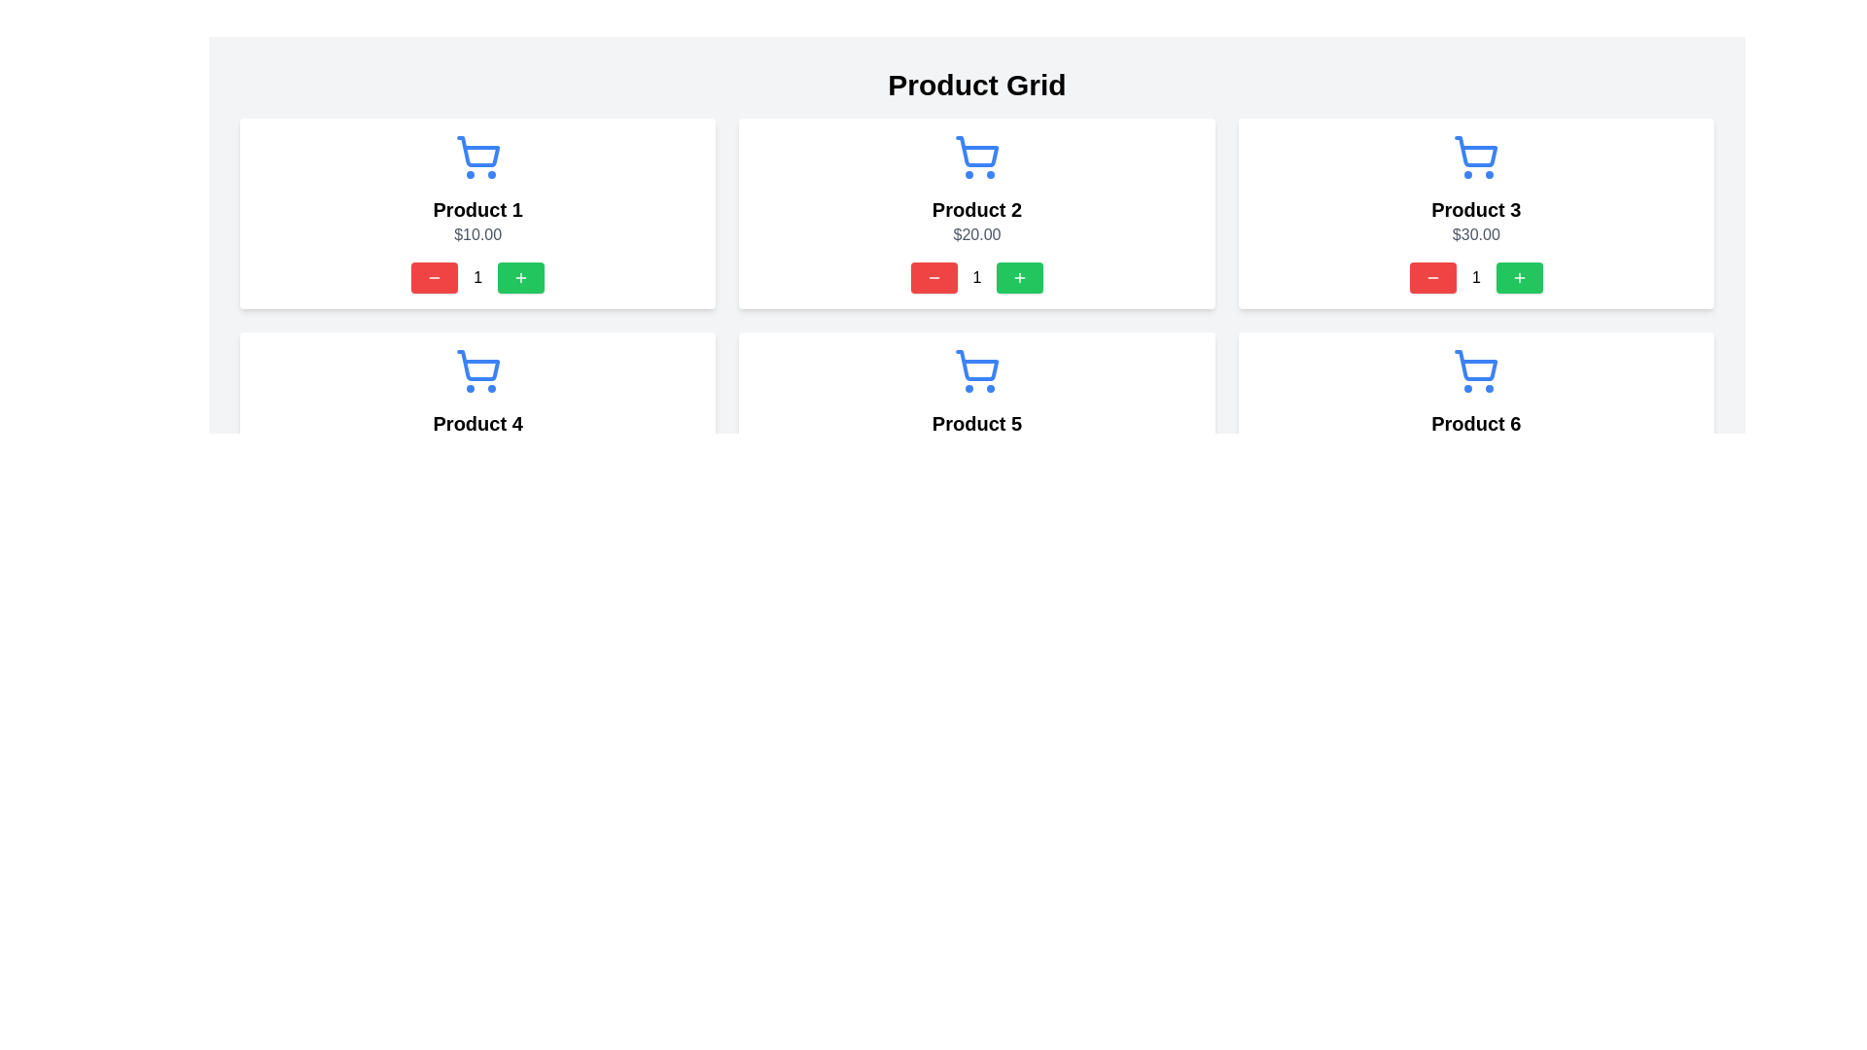 The height and width of the screenshot is (1050, 1867). Describe the element at coordinates (477, 370) in the screenshot. I see `the blue shopping cart icon above the text 'Product 4' in the second row and first column of the product grid` at that location.